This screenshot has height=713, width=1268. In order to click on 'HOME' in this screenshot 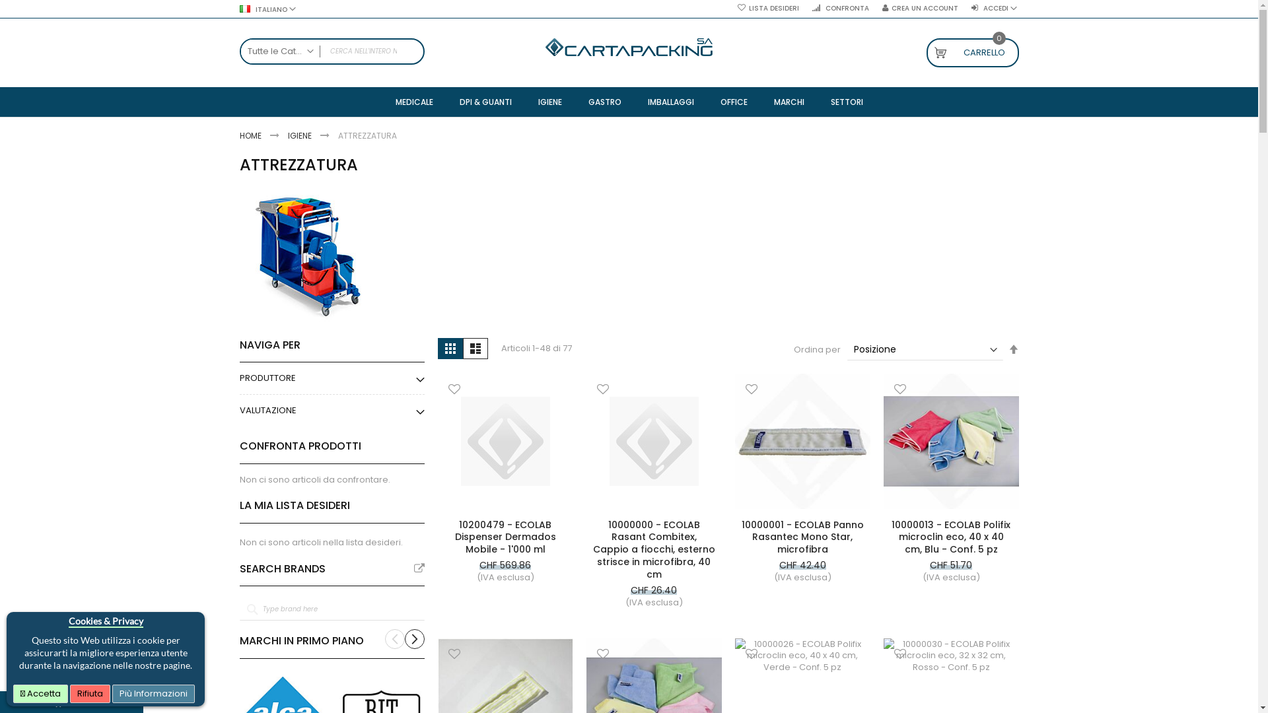, I will do `click(250, 135)`.